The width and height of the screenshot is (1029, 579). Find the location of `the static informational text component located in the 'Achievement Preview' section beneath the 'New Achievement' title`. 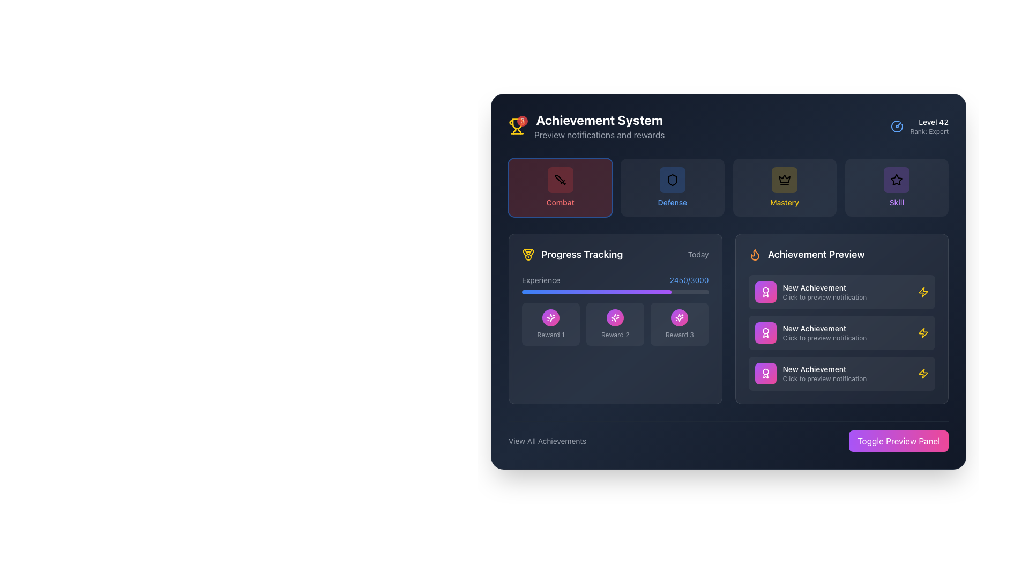

the static informational text component located in the 'Achievement Preview' section beneath the 'New Achievement' title is located at coordinates (846, 298).